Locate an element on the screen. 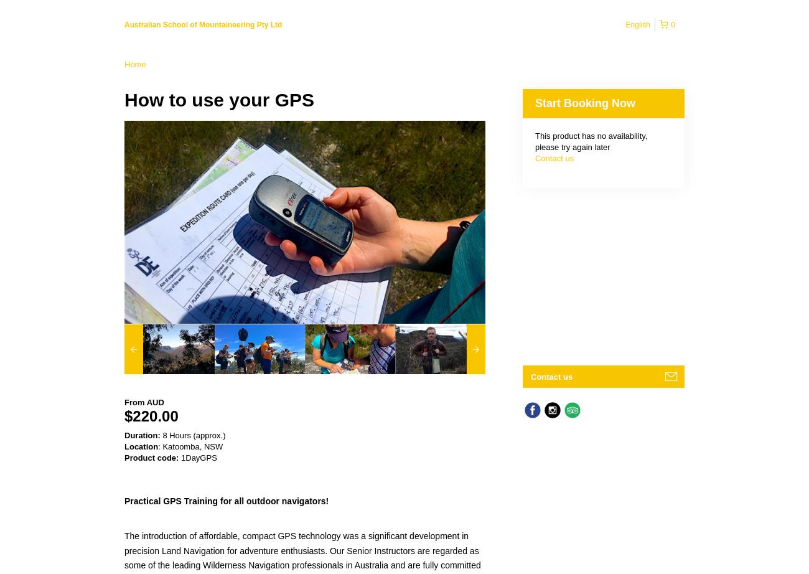 The height and width of the screenshot is (574, 809). 'Start Booking Now' is located at coordinates (585, 103).